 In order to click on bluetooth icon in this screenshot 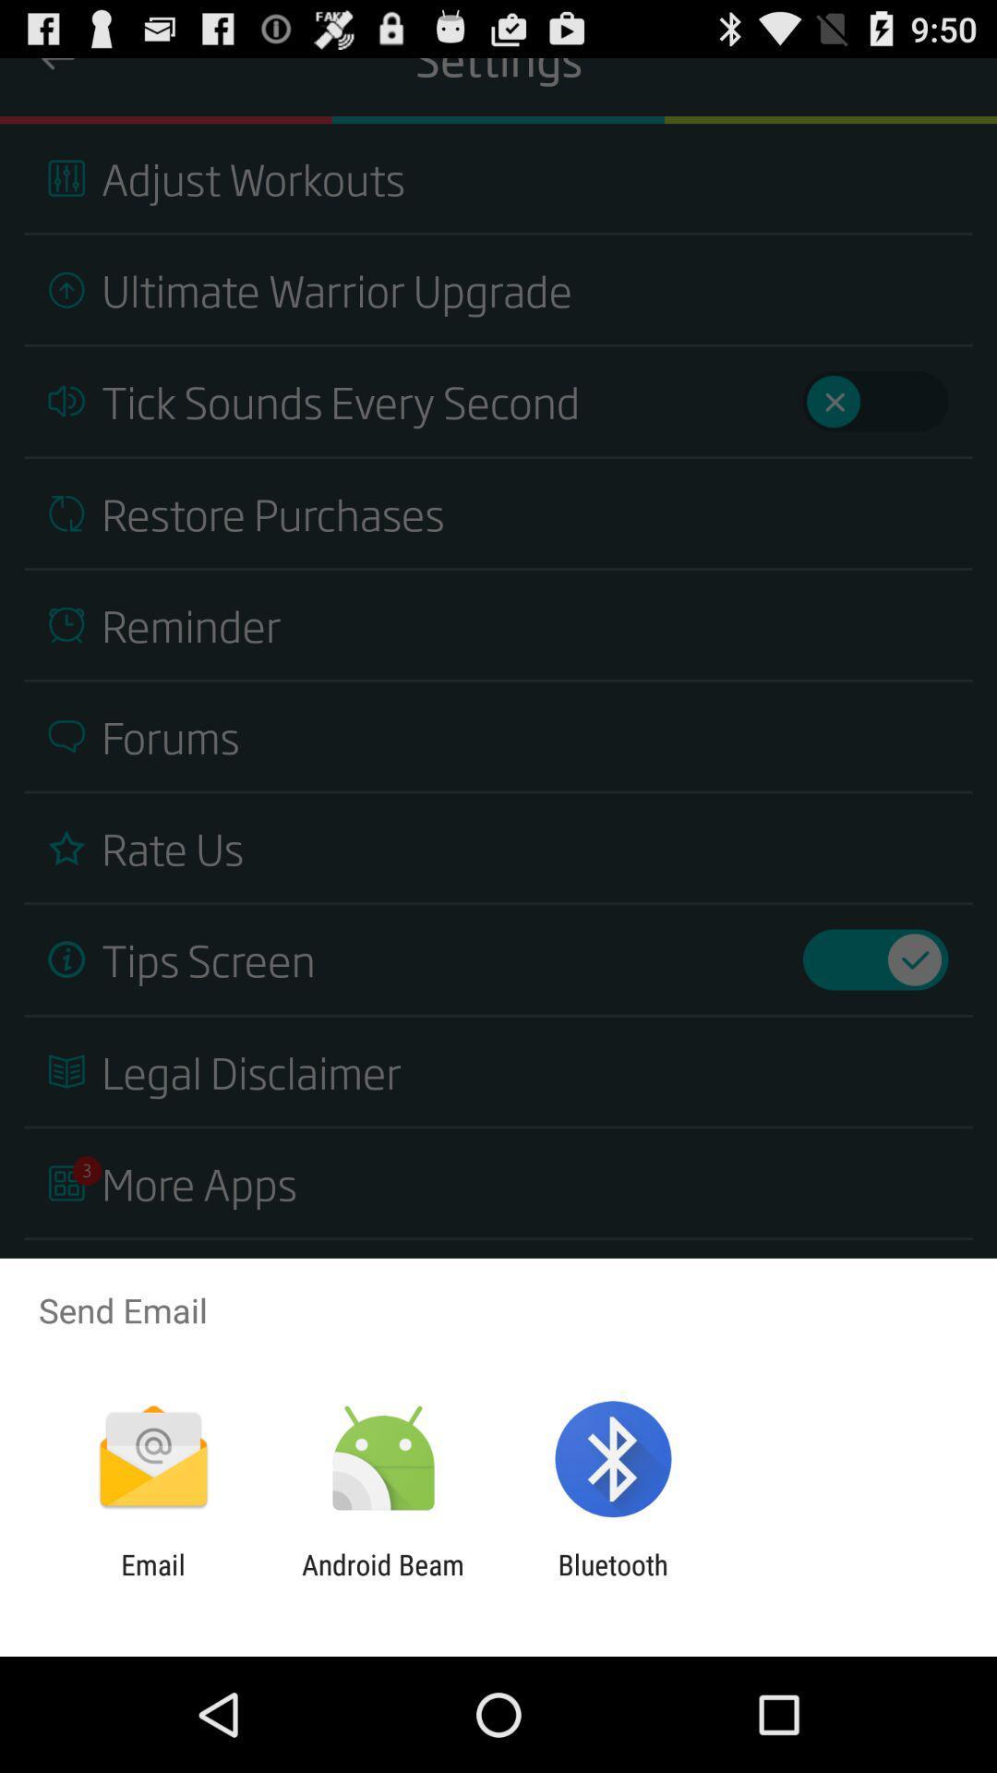, I will do `click(613, 1580)`.